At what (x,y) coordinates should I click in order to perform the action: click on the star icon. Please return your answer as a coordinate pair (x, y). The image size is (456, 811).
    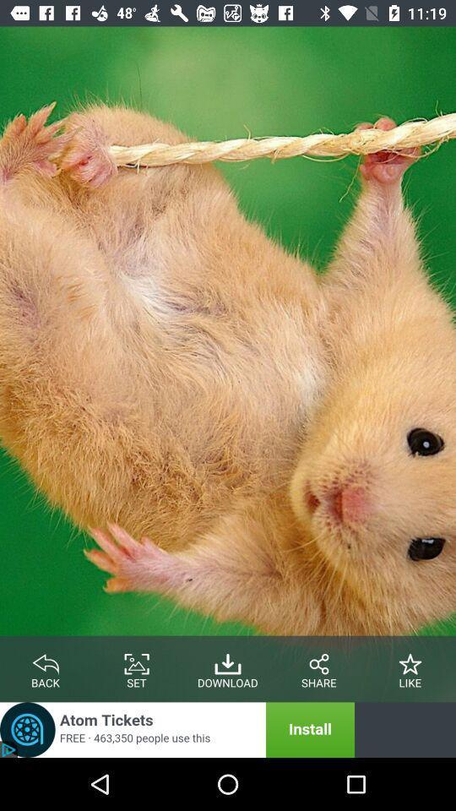
    Looking at the image, I should click on (410, 661).